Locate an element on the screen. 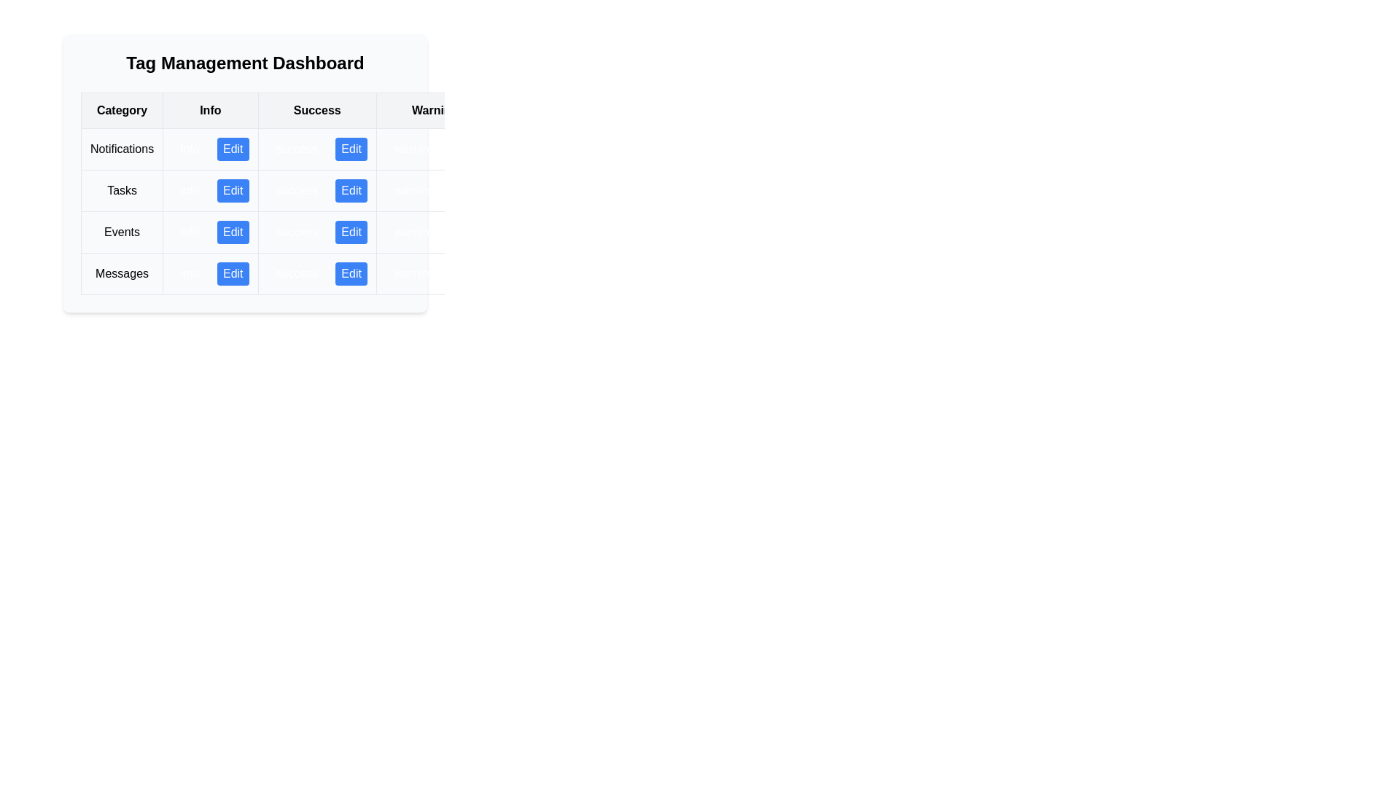  the 'success' status tag in the 'Tasks' row under the 'Success' column of the 'Tag Management Dashboard' is located at coordinates (316, 190).